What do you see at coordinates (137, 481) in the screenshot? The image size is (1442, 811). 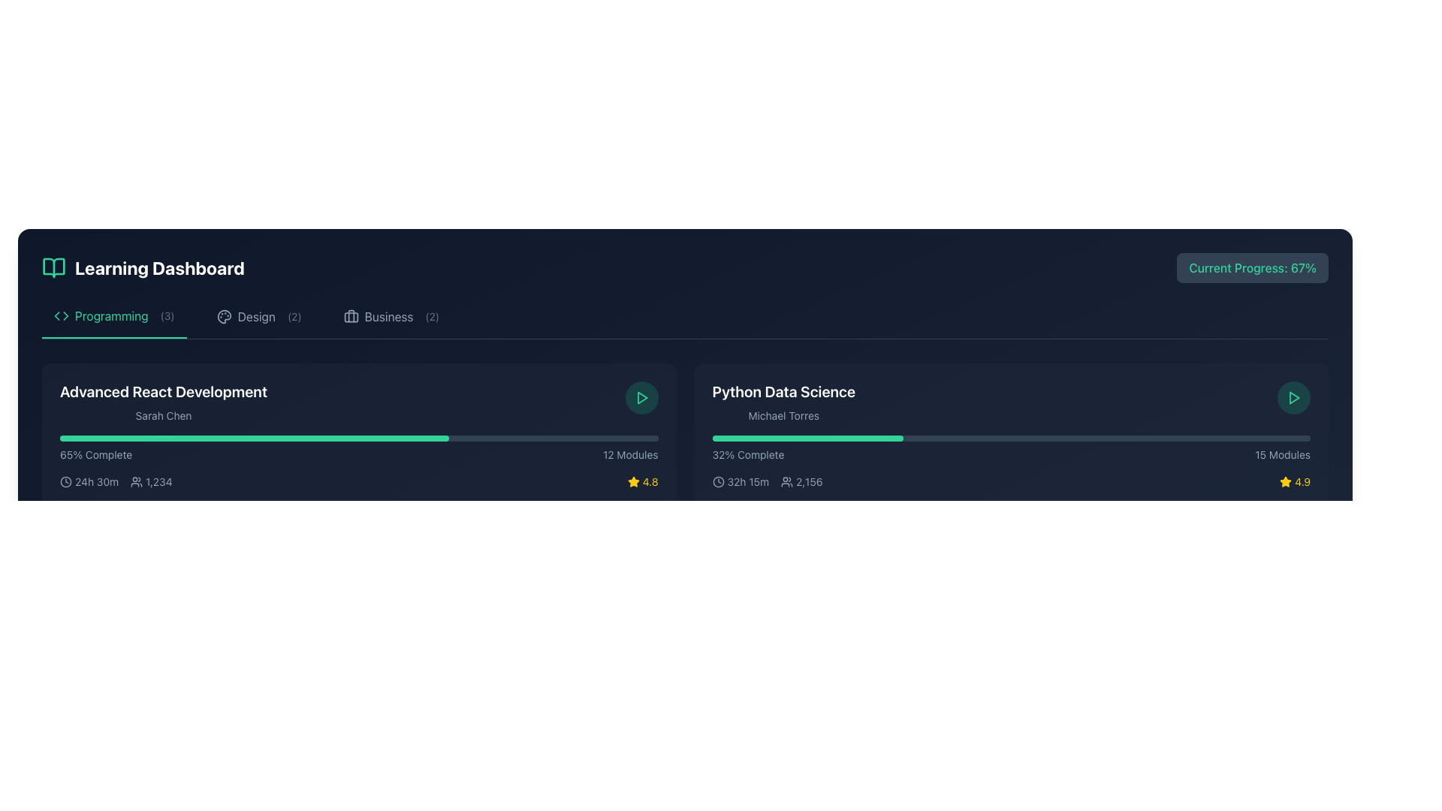 I see `the user count icon located to the left of the numerical value 1,234 in the user-related data section of the 'Advanced React Development' course box` at bounding box center [137, 481].